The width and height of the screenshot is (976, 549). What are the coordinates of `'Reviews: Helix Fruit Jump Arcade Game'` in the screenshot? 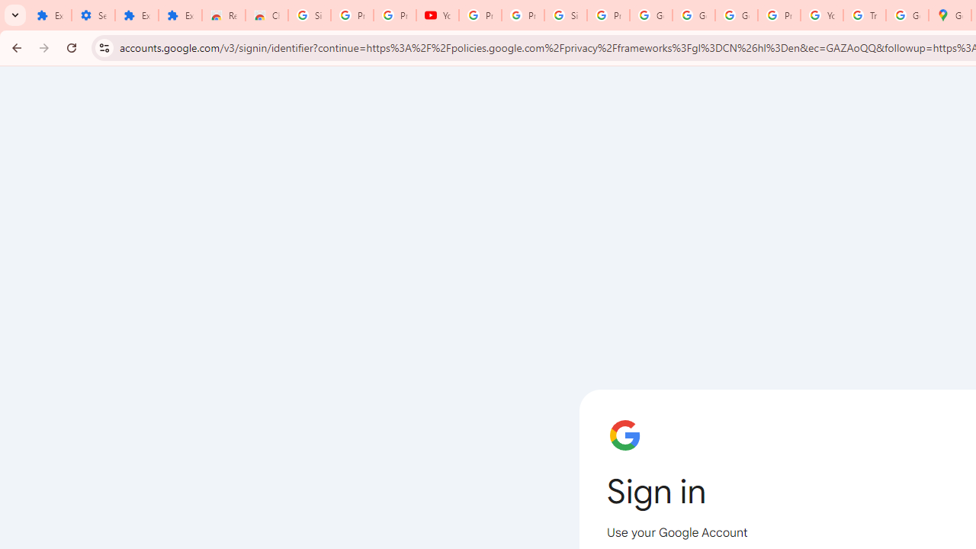 It's located at (223, 15).